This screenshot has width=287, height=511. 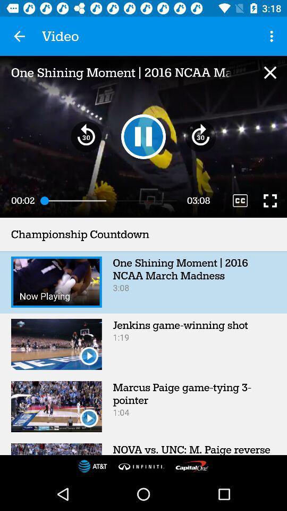 What do you see at coordinates (240, 200) in the screenshot?
I see `cc` at bounding box center [240, 200].